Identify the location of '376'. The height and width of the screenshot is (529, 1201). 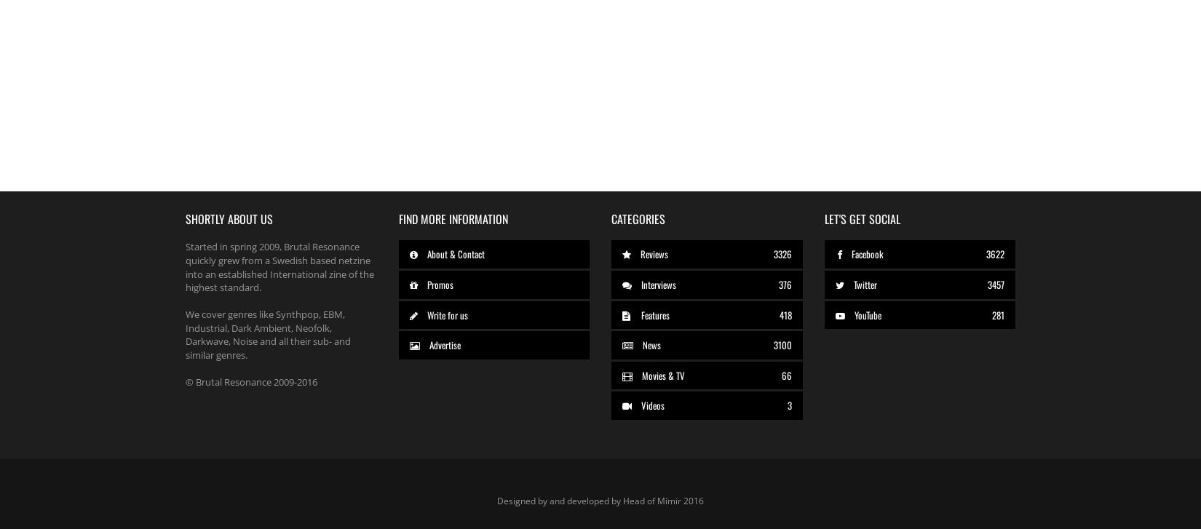
(778, 283).